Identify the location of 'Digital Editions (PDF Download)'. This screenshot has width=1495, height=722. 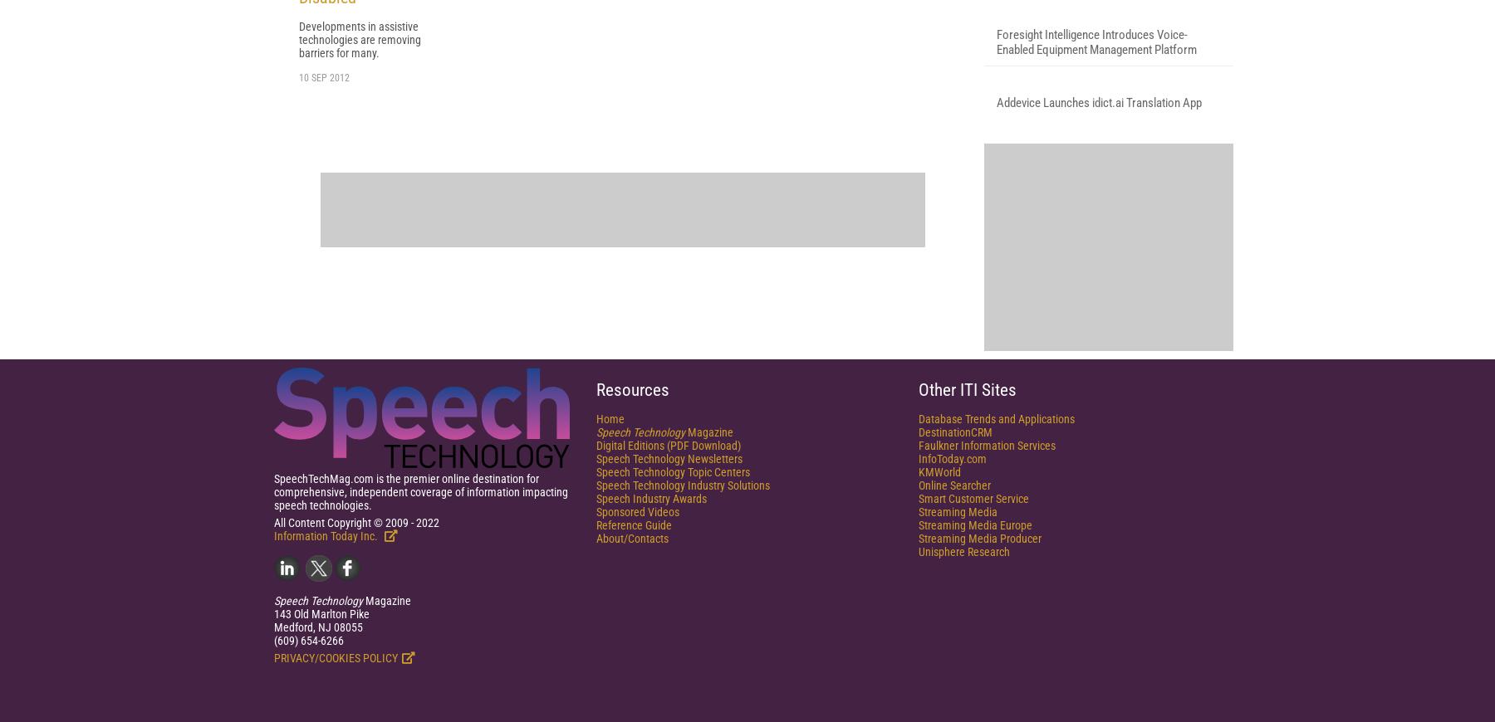
(668, 644).